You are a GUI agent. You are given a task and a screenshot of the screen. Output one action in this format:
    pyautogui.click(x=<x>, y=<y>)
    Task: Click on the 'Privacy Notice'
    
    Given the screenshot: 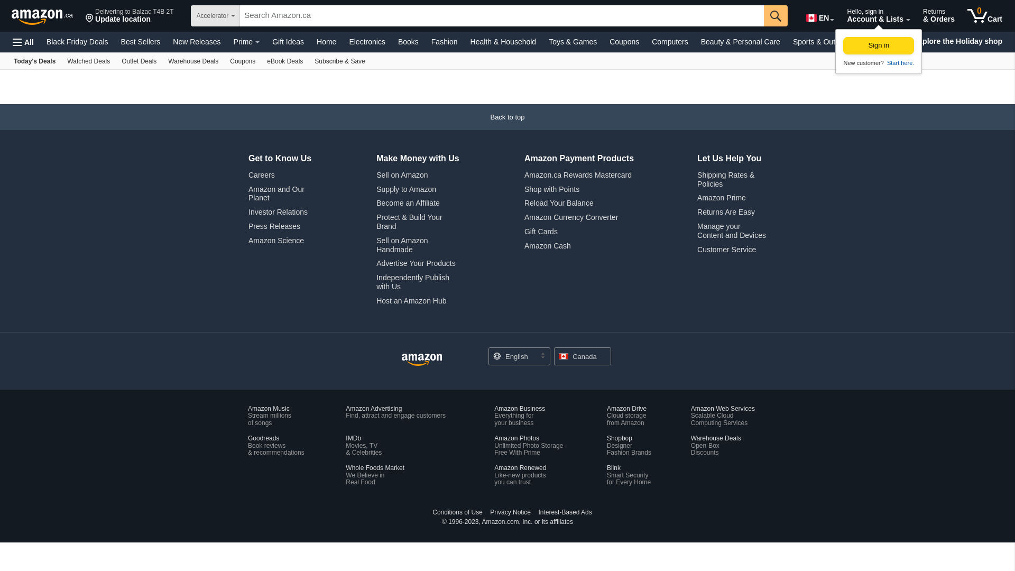 What is the action you would take?
    pyautogui.click(x=510, y=511)
    